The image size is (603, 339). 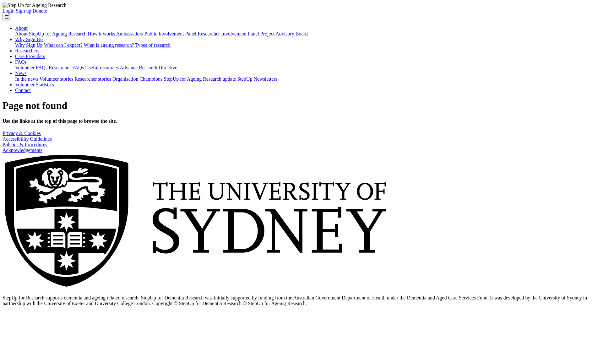 What do you see at coordinates (15, 50) in the screenshot?
I see `'Researchers'` at bounding box center [15, 50].